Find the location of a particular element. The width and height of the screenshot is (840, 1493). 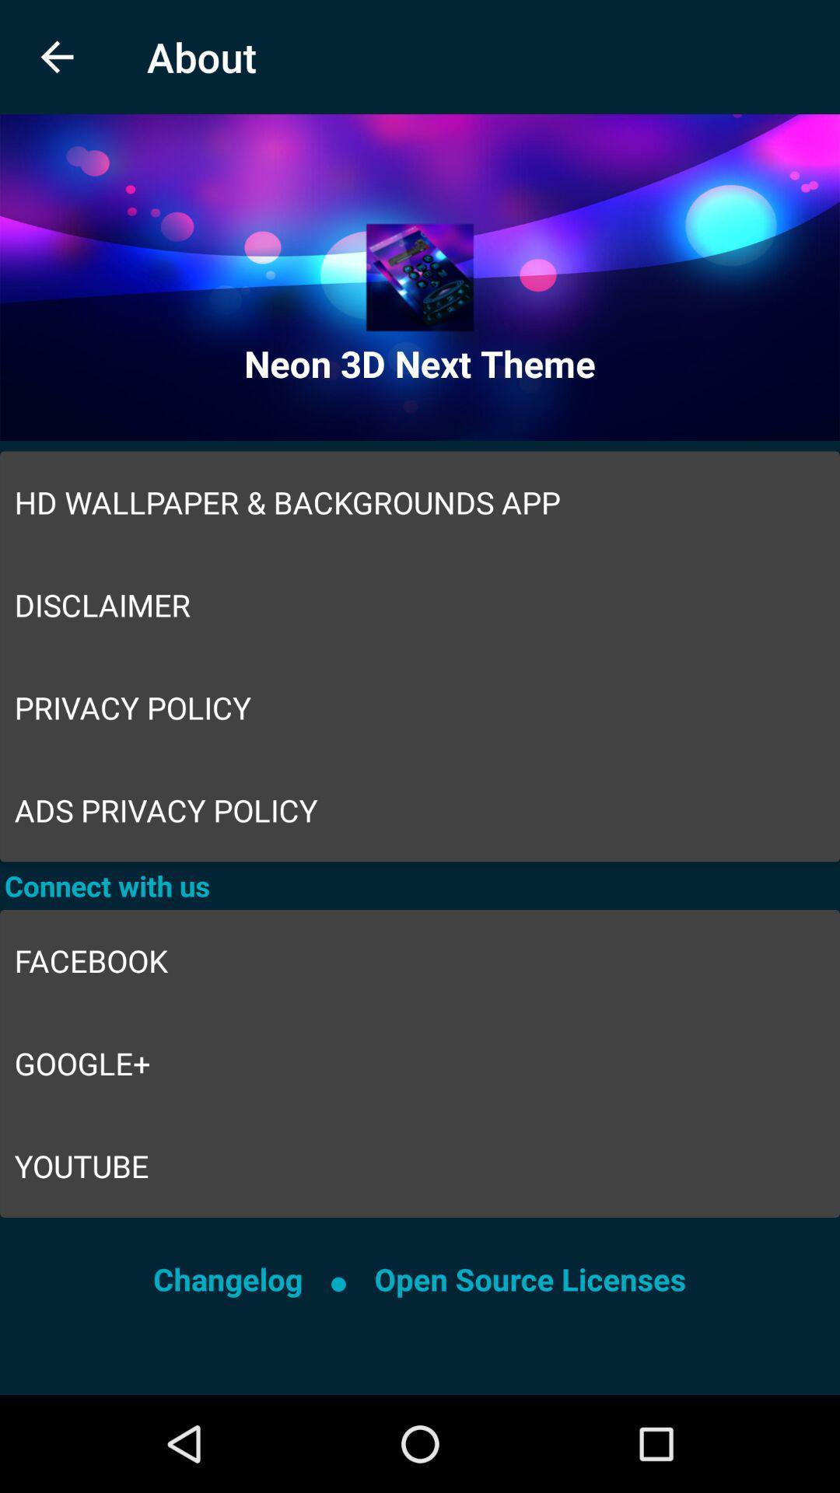

hd wallpaper backgrounds item is located at coordinates (420, 502).